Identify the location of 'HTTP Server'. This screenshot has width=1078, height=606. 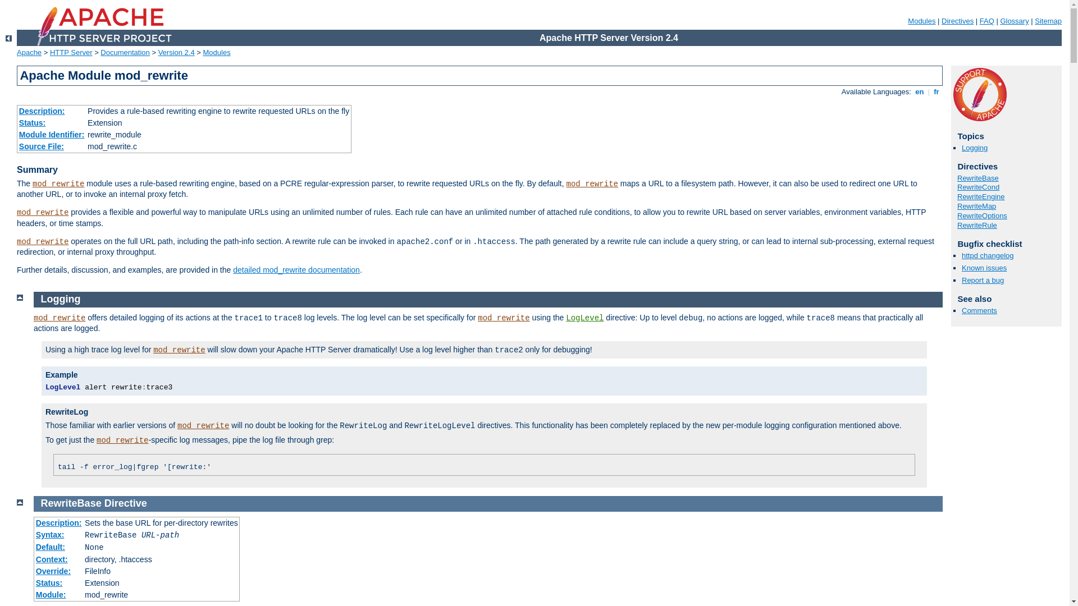
(49, 52).